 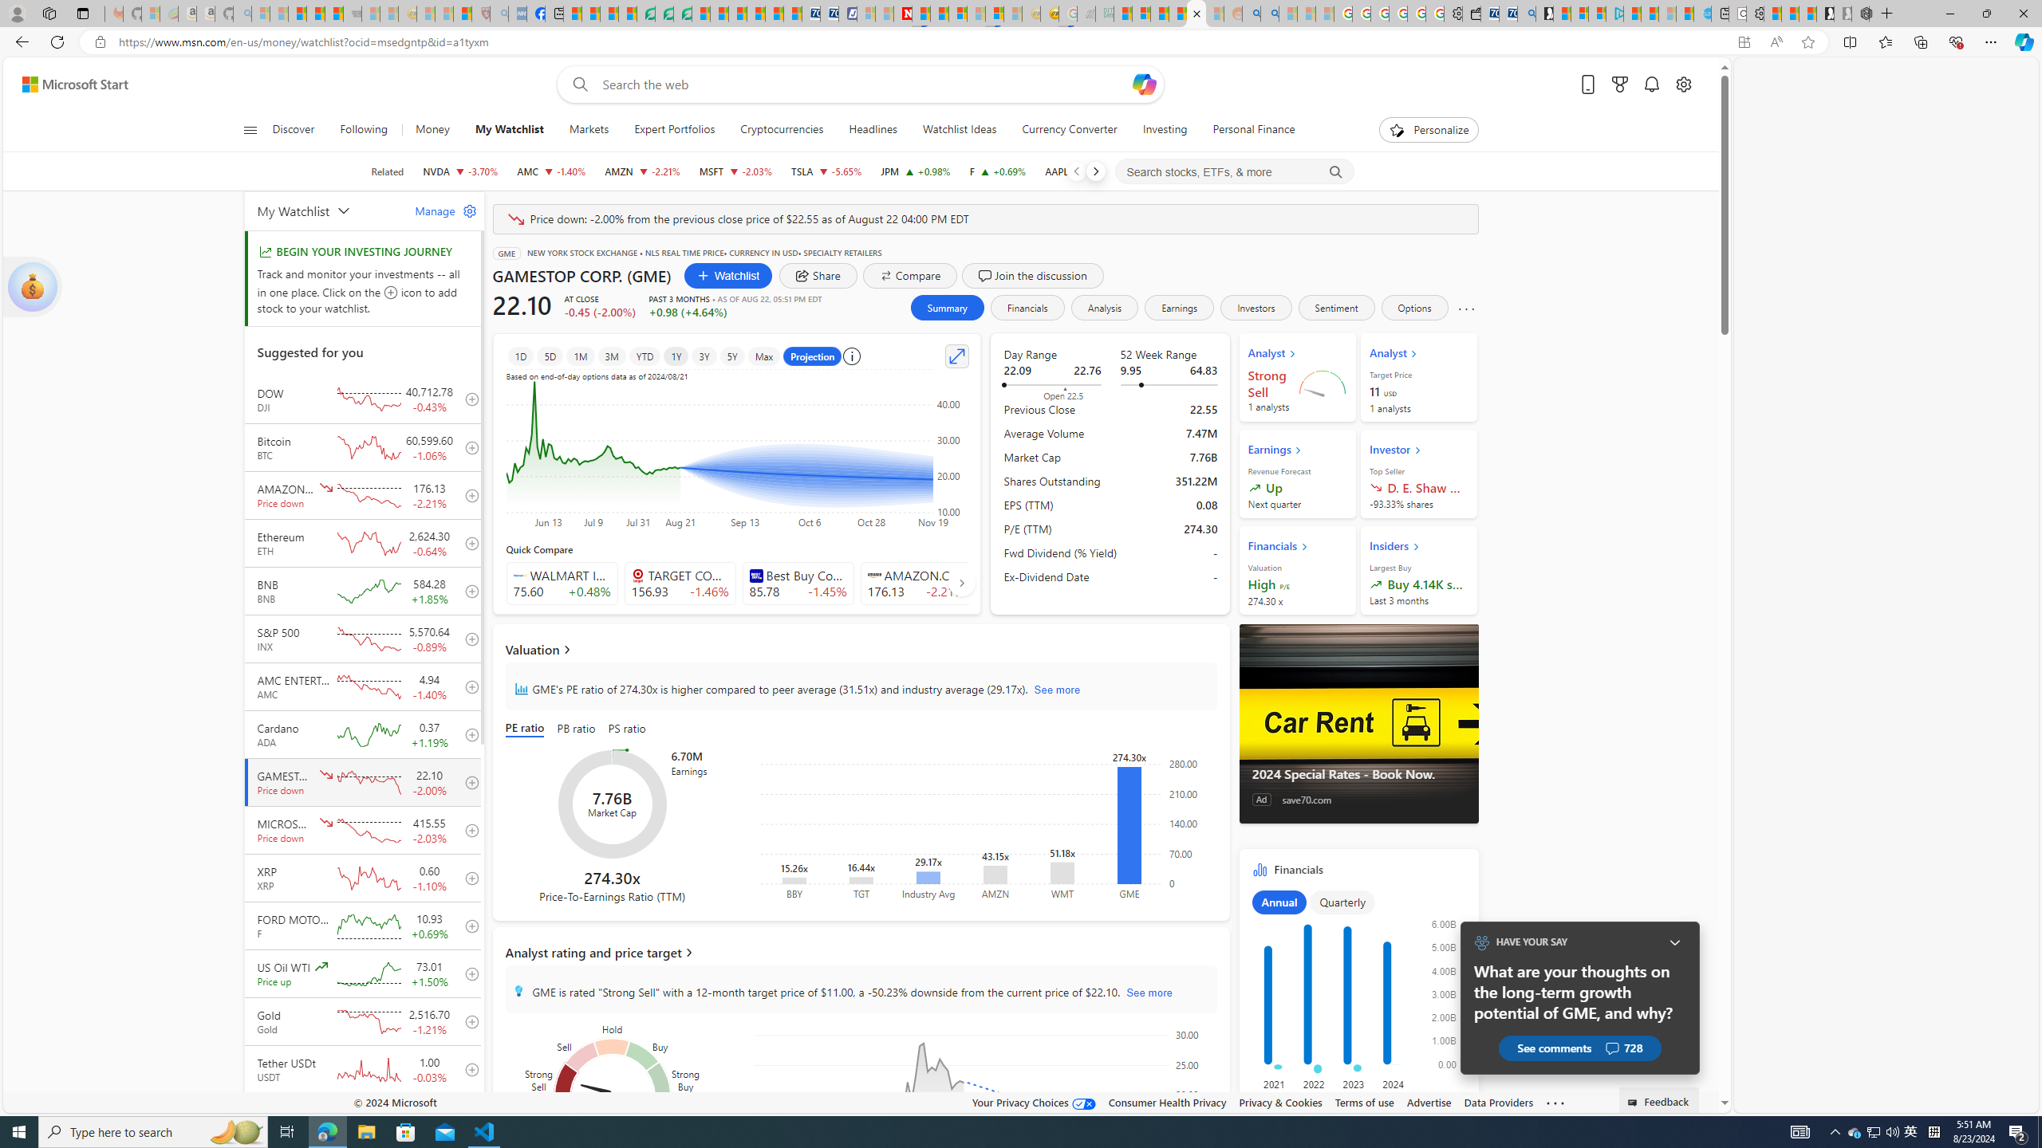 What do you see at coordinates (627, 729) in the screenshot?
I see `'PS ratio'` at bounding box center [627, 729].